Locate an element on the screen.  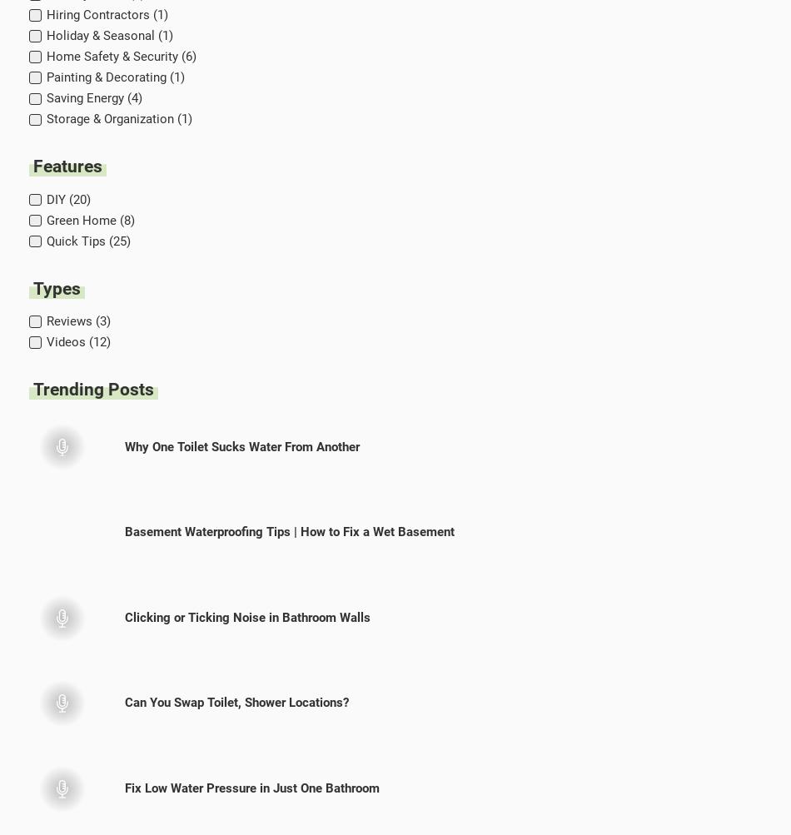
'Clicking or Ticking Noise in Bathroom Walls' is located at coordinates (246, 616).